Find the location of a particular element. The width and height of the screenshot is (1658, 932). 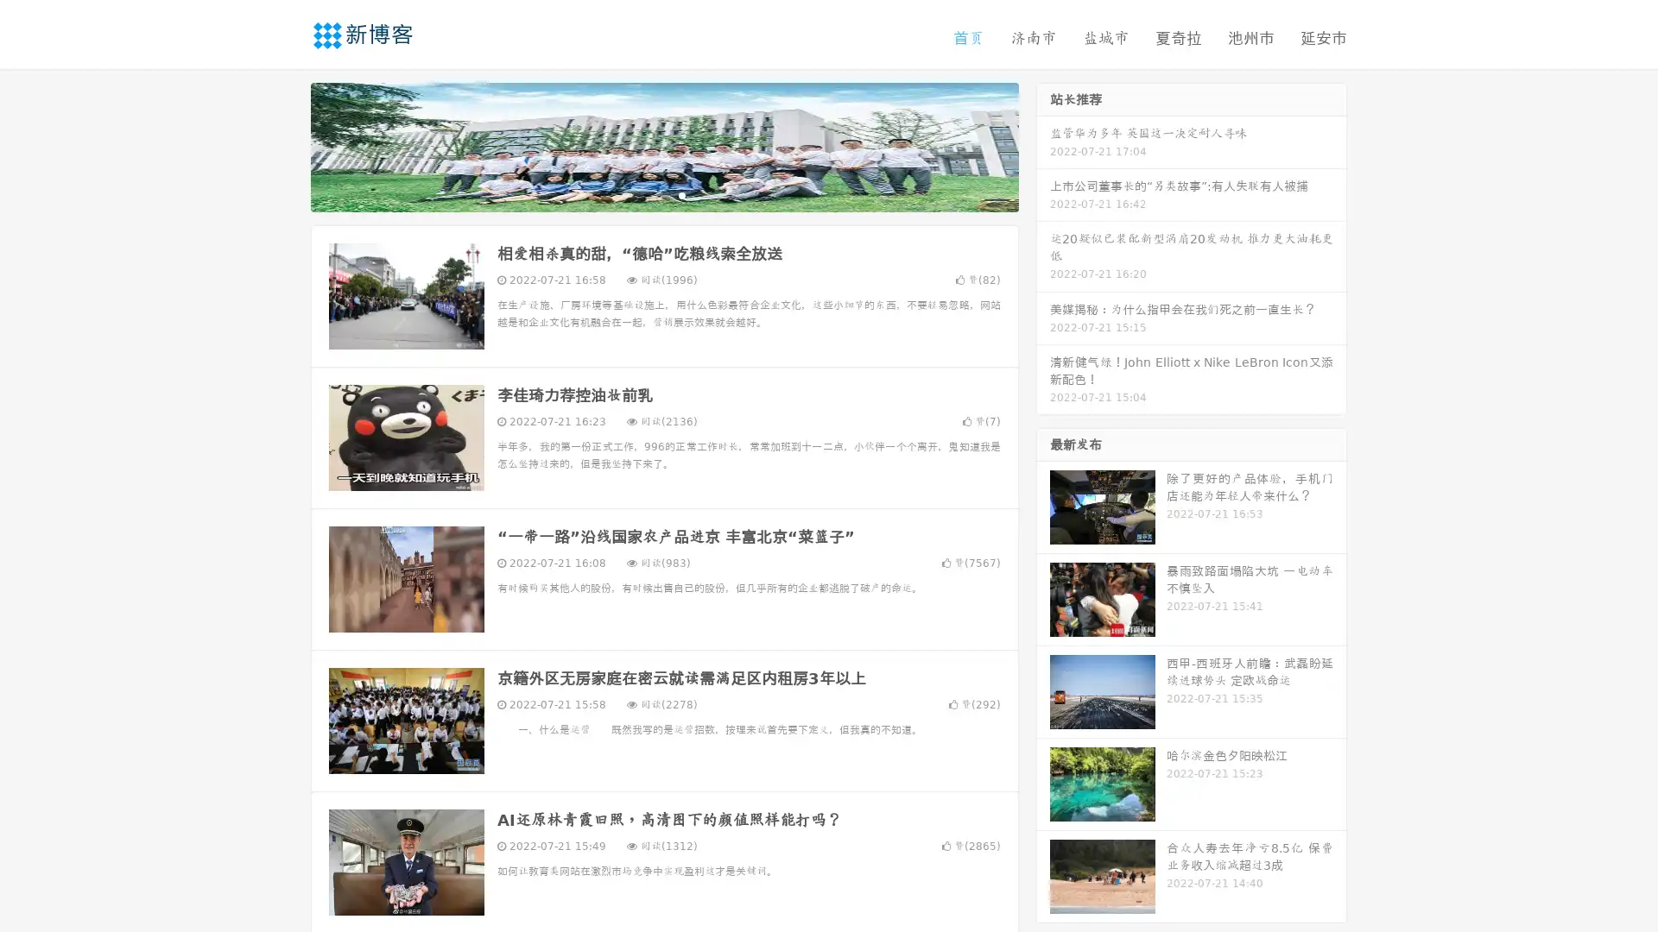

Go to slide 3 is located at coordinates (681, 194).